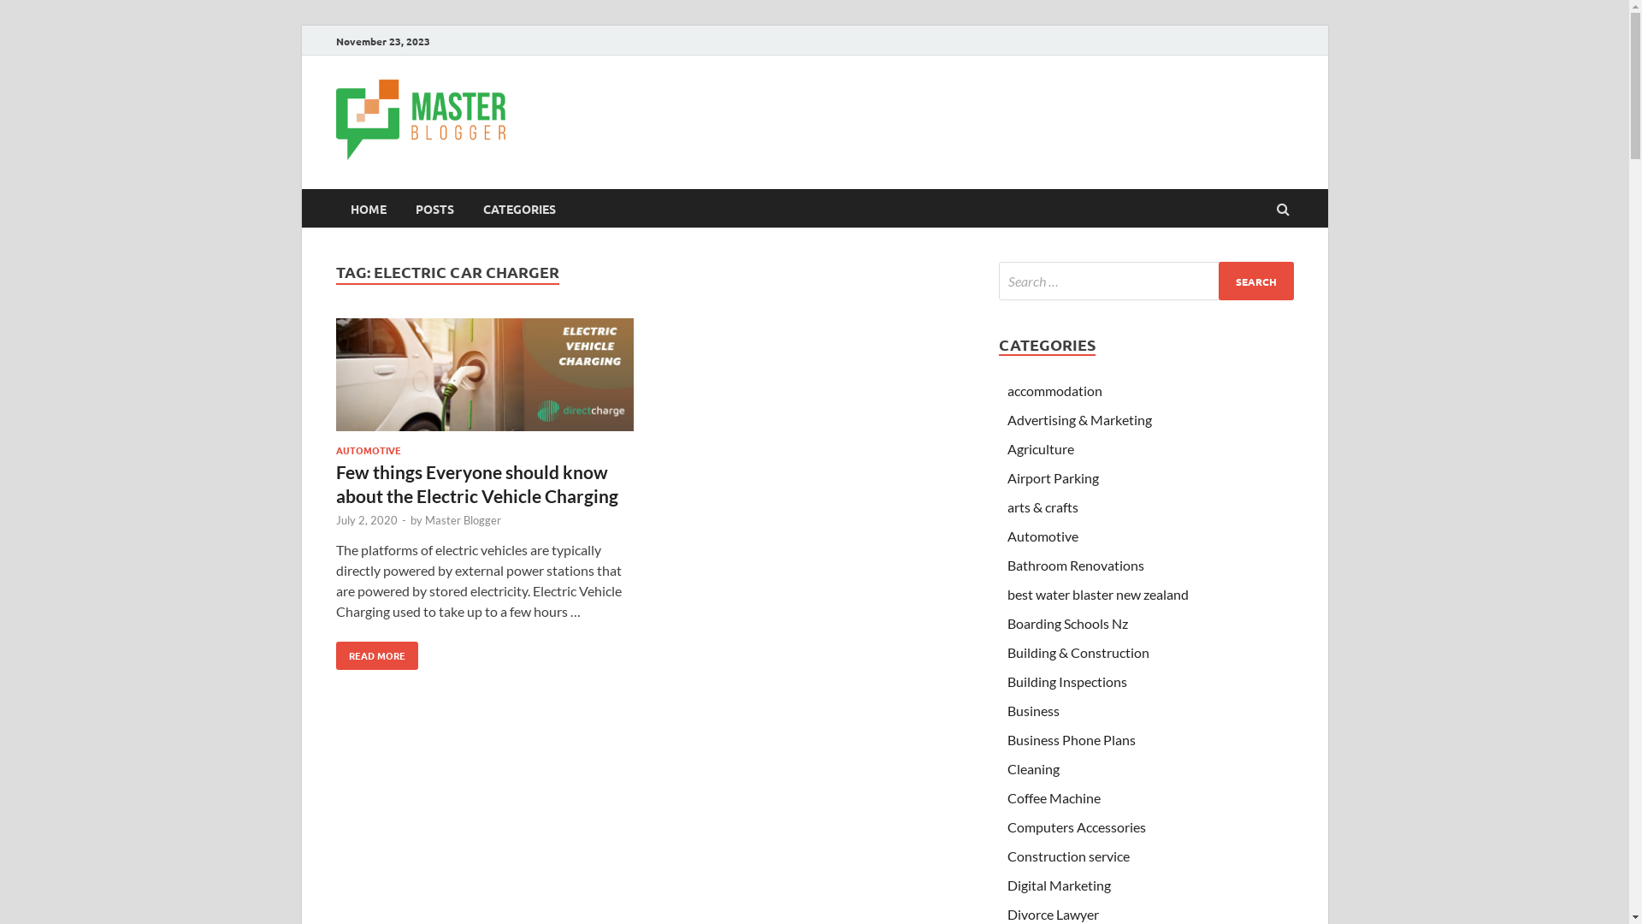 The width and height of the screenshot is (1642, 924). What do you see at coordinates (1066, 680) in the screenshot?
I see `'Building Inspections'` at bounding box center [1066, 680].